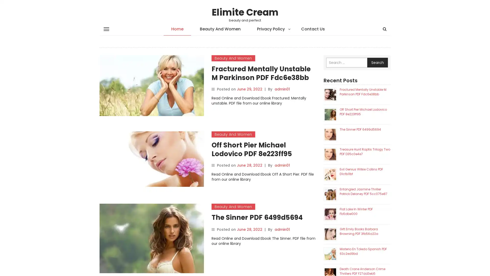  I want to click on Search, so click(377, 62).